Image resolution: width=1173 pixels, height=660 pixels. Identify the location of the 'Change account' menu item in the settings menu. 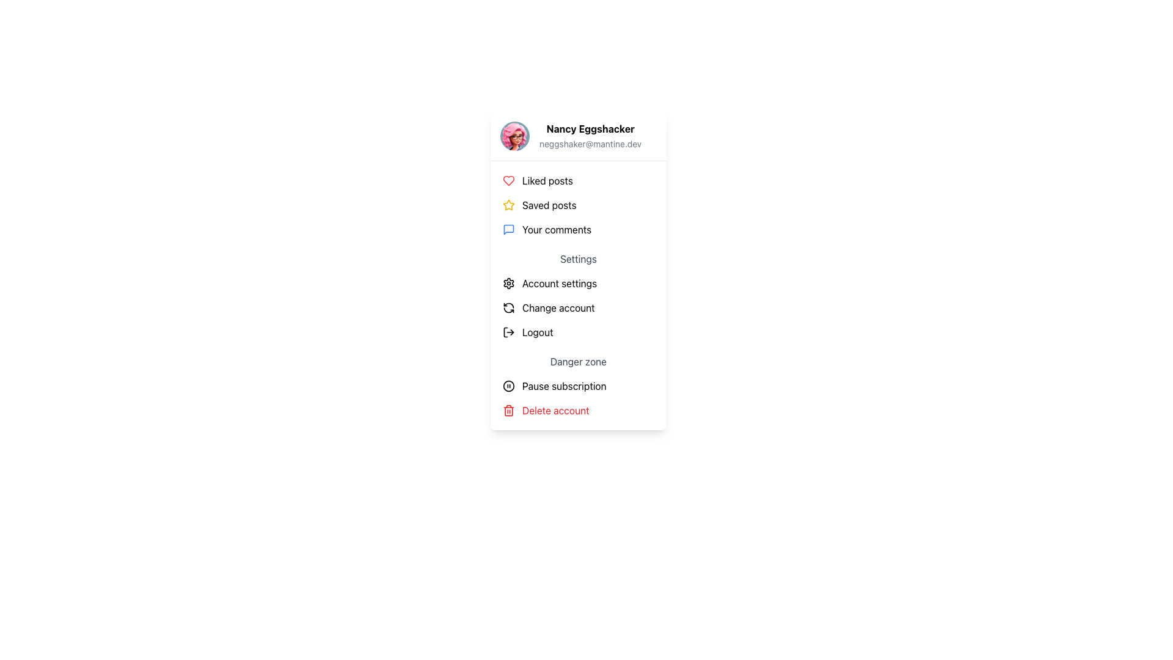
(577, 307).